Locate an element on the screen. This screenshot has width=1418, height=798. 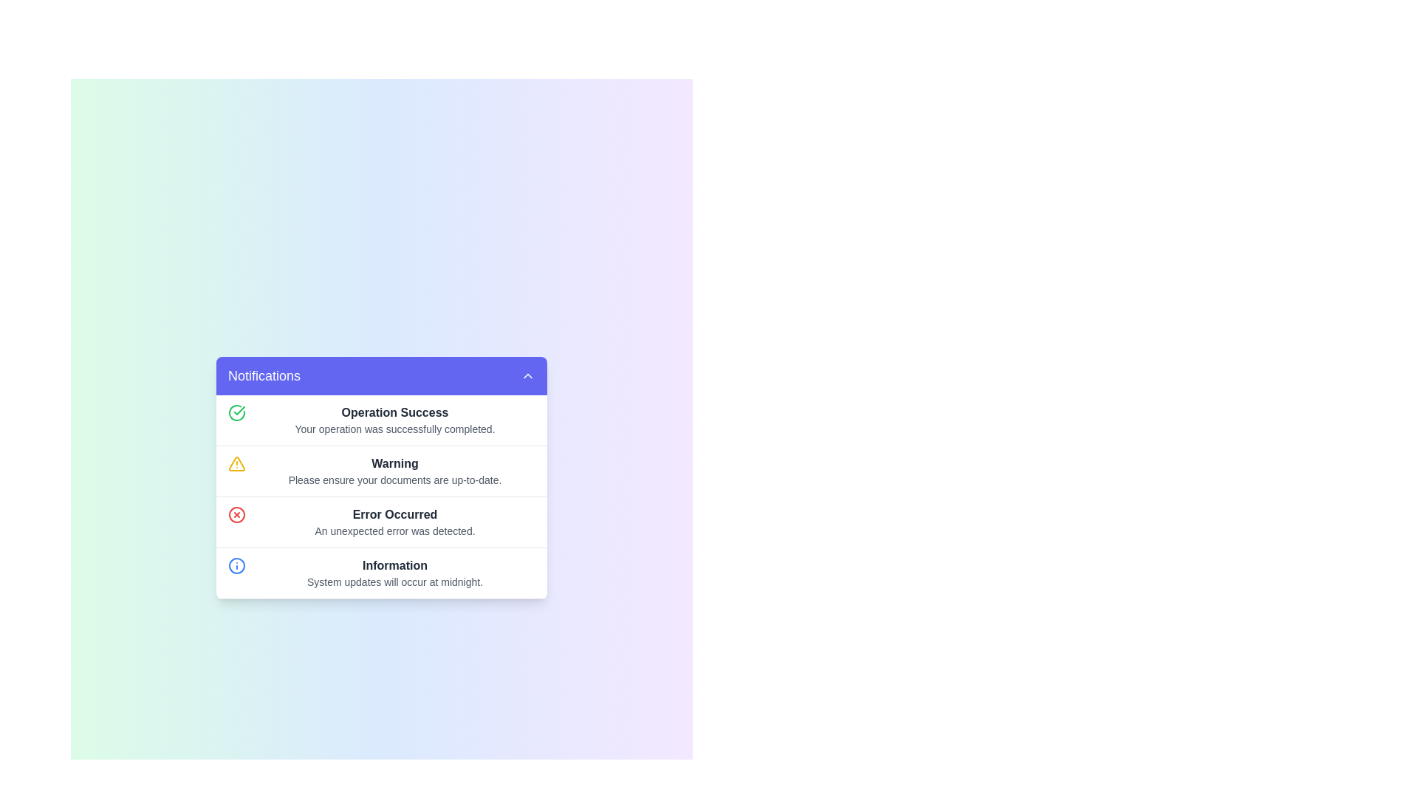
the text group containing the heading 'Information' and the description 'System updates will occur at midnight', which is the fourth item in the 'Notifications' panel is located at coordinates (394, 572).